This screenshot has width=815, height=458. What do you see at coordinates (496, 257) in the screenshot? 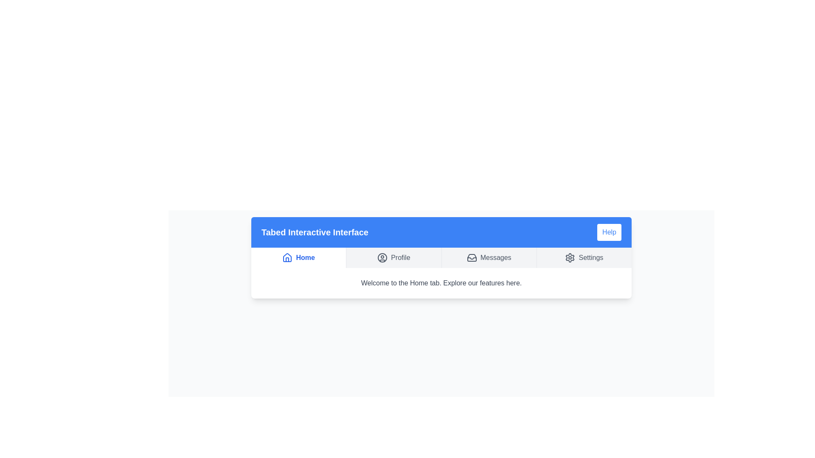
I see `the 'Messages' static text label in the horizontal navigation menu, which indicates its purpose related to user messages` at bounding box center [496, 257].